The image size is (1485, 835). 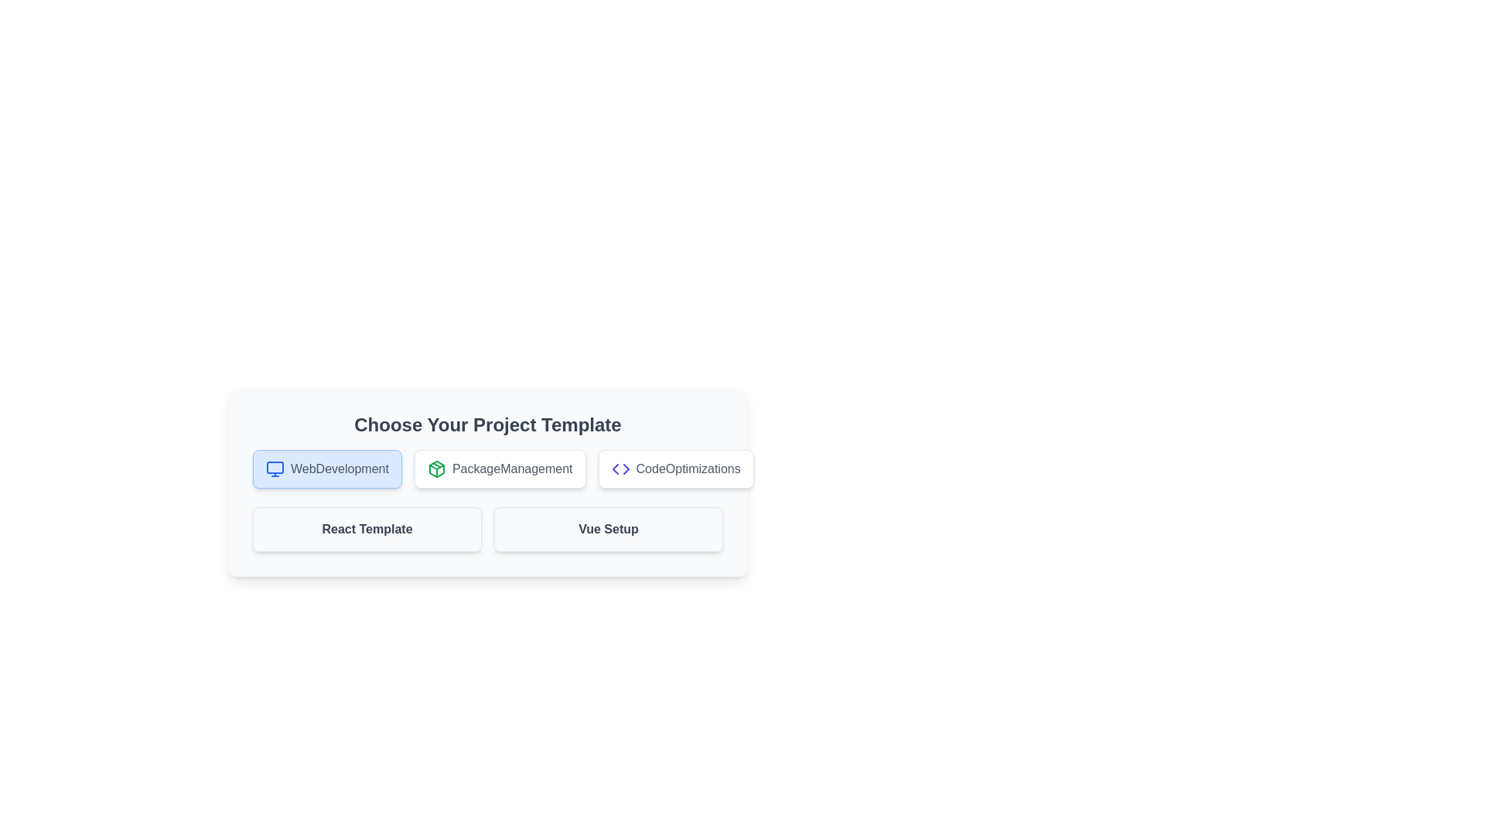 What do you see at coordinates (500, 468) in the screenshot?
I see `the 'PackageManagement' button, which is a rectangular button with rounded corners, featuring a green 3D box icon on the left and the text 'PackageManagement' in gray font on the right` at bounding box center [500, 468].